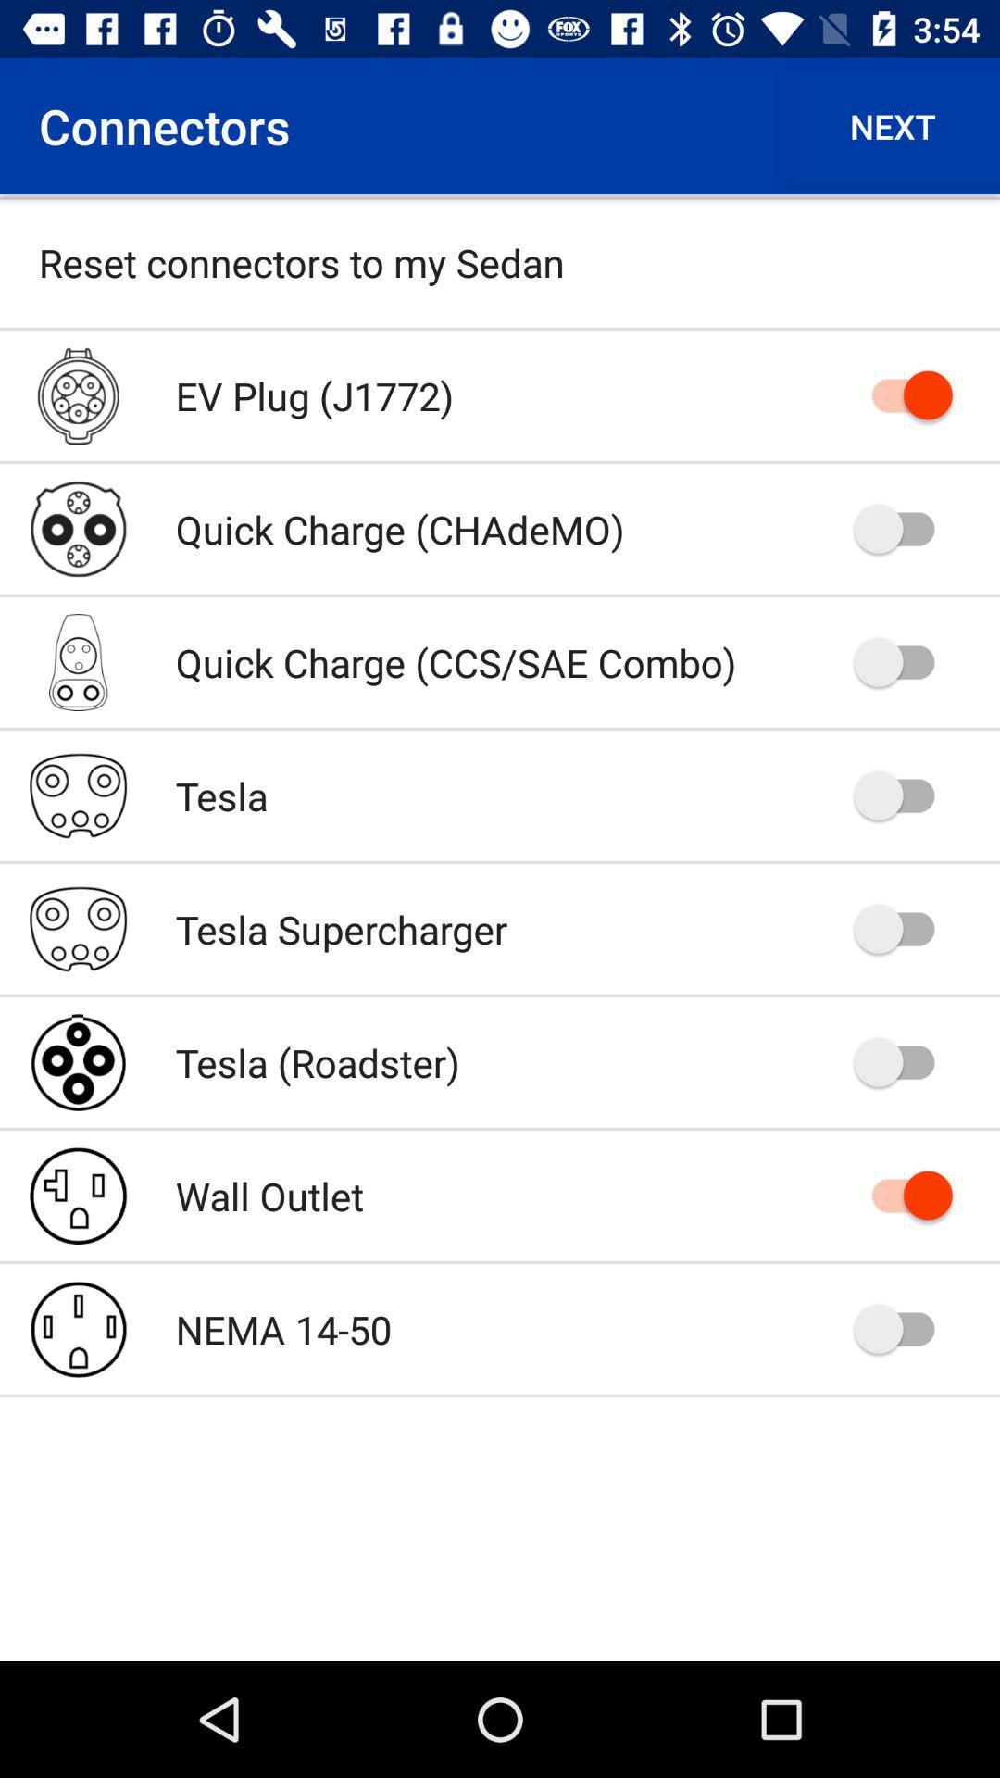 This screenshot has width=1000, height=1778. Describe the element at coordinates (892, 125) in the screenshot. I see `next` at that location.